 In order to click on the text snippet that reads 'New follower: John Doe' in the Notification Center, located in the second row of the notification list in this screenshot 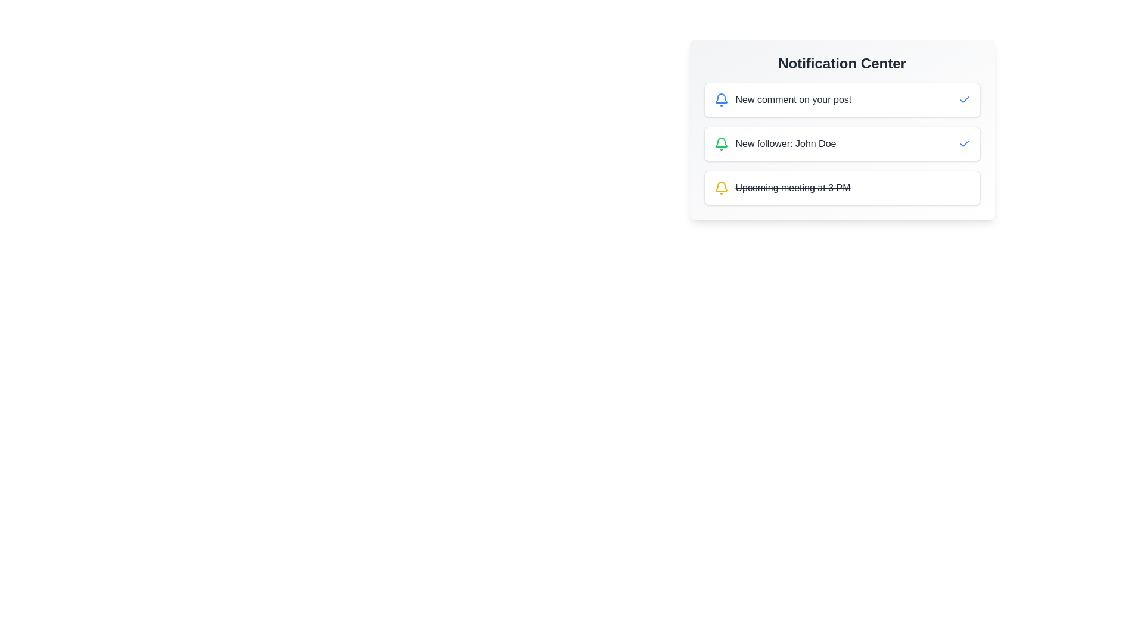, I will do `click(786, 143)`.